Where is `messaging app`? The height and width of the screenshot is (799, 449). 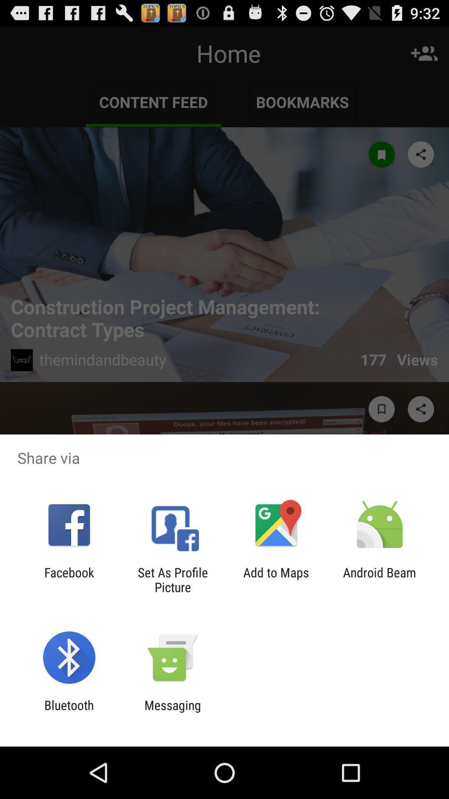 messaging app is located at coordinates (172, 712).